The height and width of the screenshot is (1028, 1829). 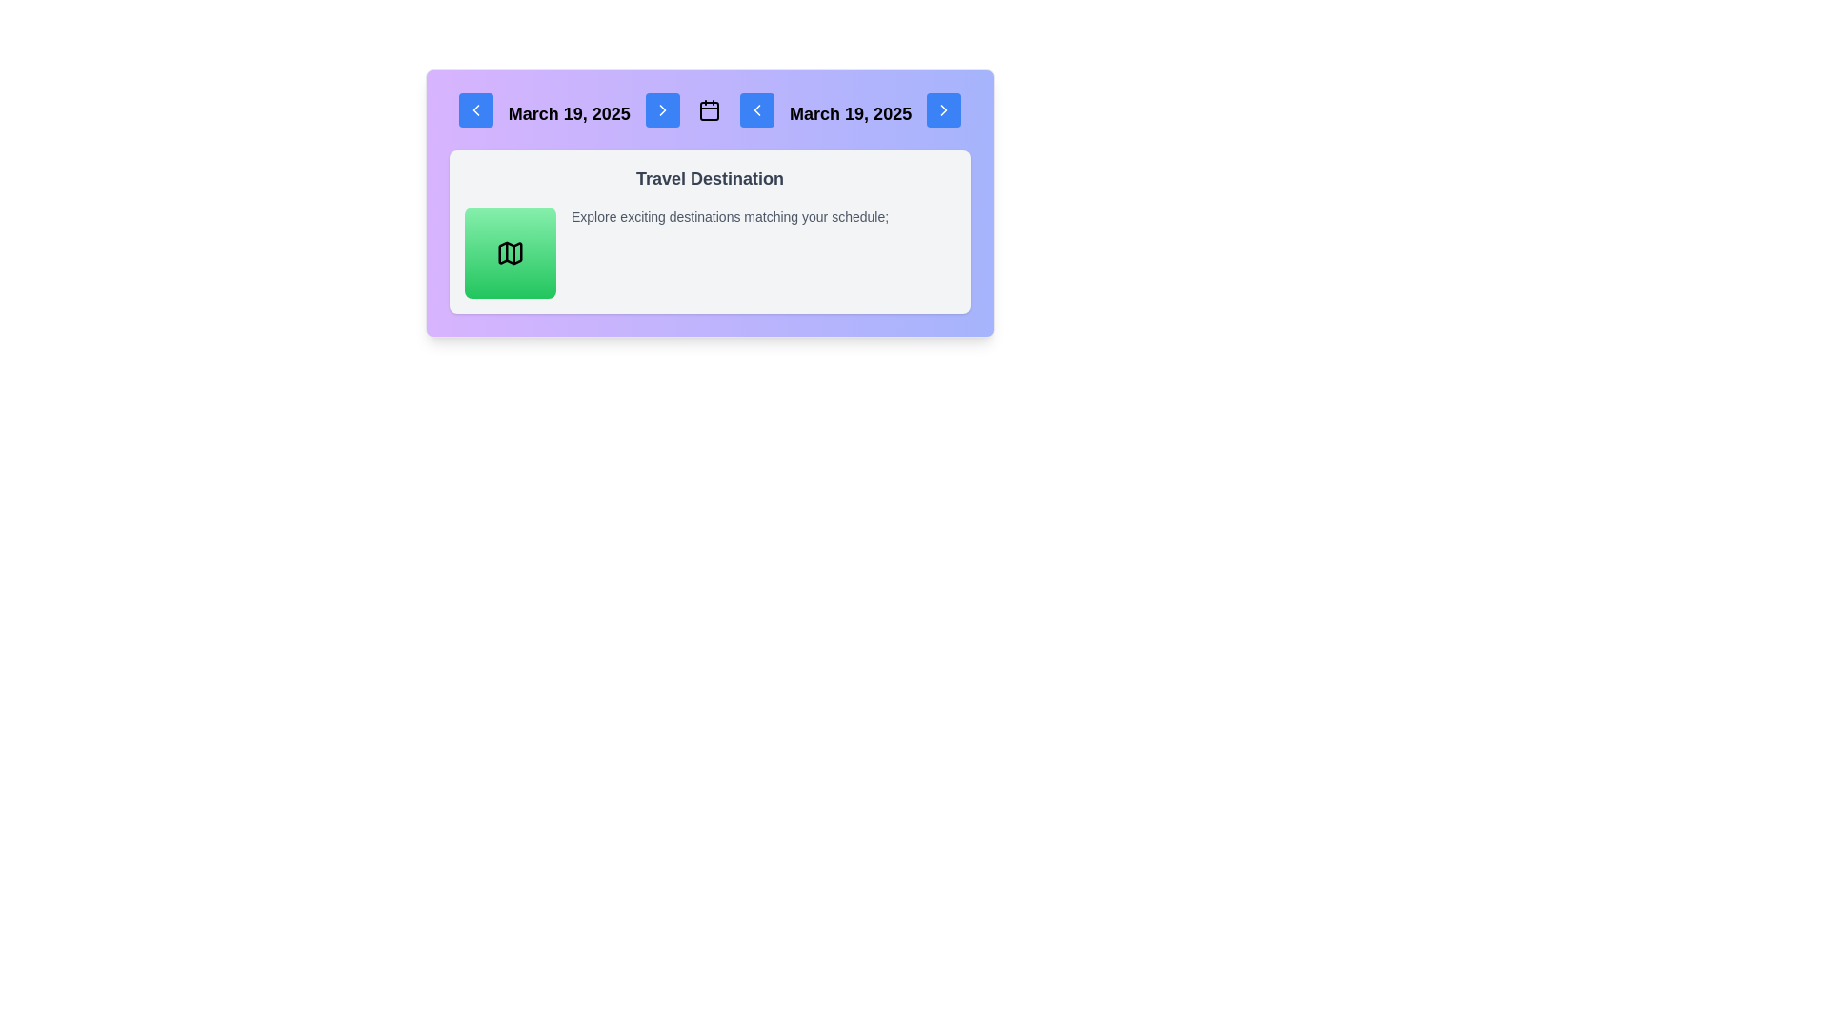 What do you see at coordinates (662, 109) in the screenshot?
I see `the blue rectangular button with rounded corners, featuring a white arrow icon, located in the top section of the interface aligned to the right of 'March 19, 2025'` at bounding box center [662, 109].